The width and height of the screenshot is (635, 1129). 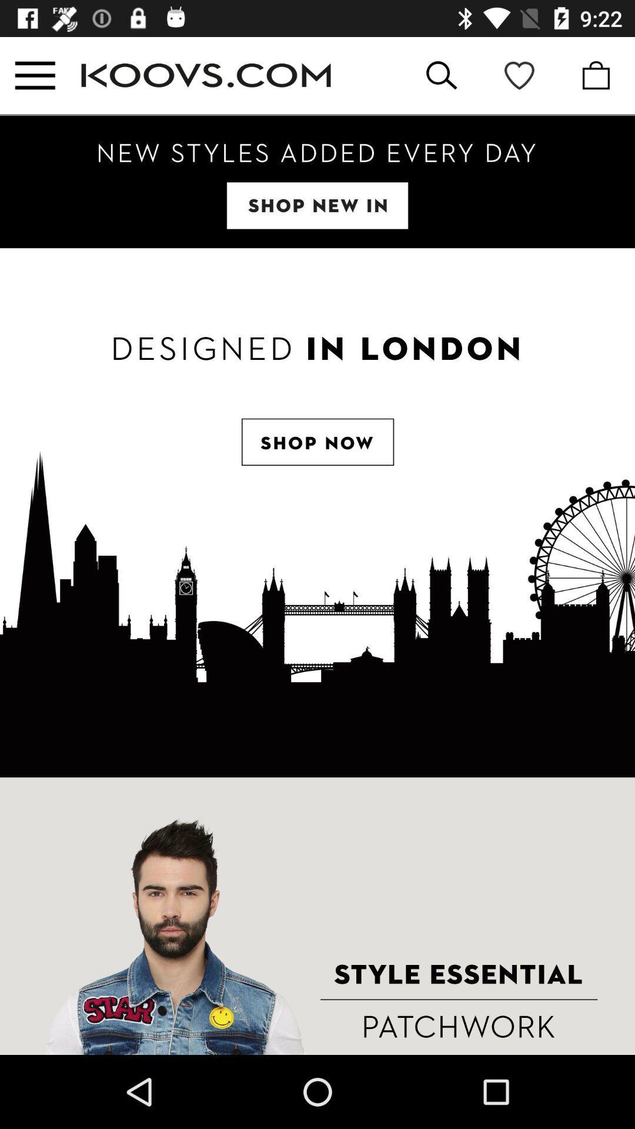 What do you see at coordinates (317, 513) in the screenshot?
I see `open shop` at bounding box center [317, 513].